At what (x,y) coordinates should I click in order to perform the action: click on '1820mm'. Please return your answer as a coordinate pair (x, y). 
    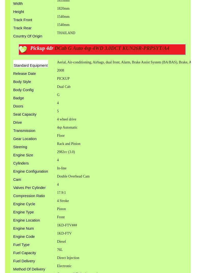
    Looking at the image, I should click on (63, 8).